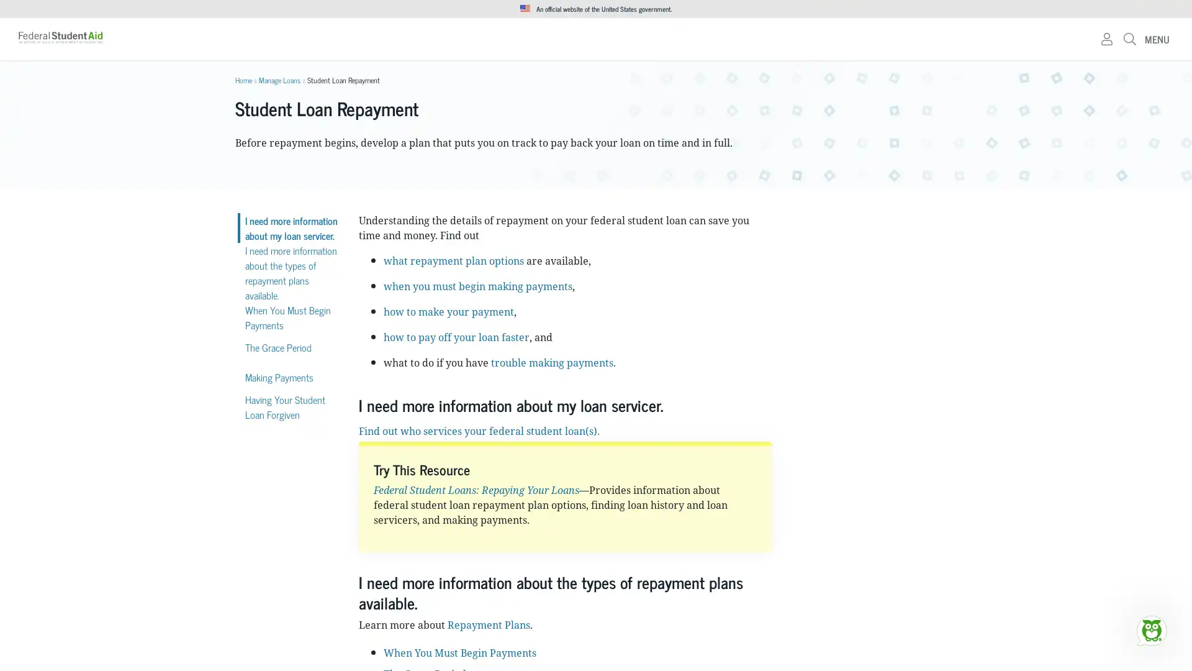  I want to click on Espanol, so click(944, 9).